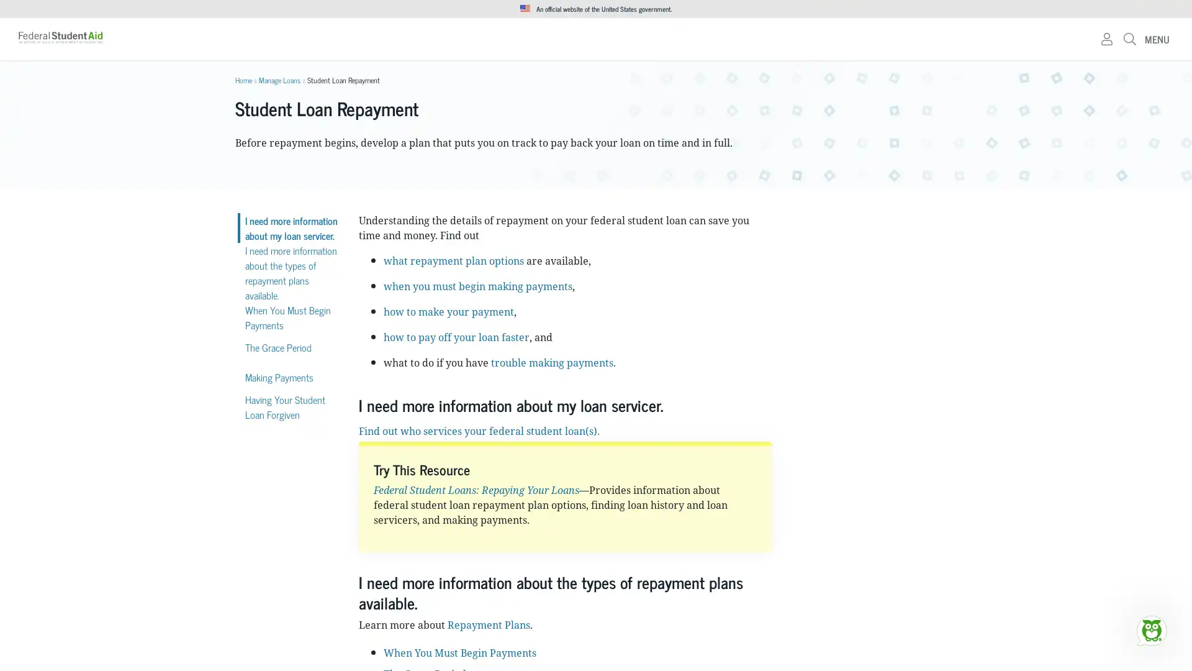  I want to click on Espanol, so click(944, 9).